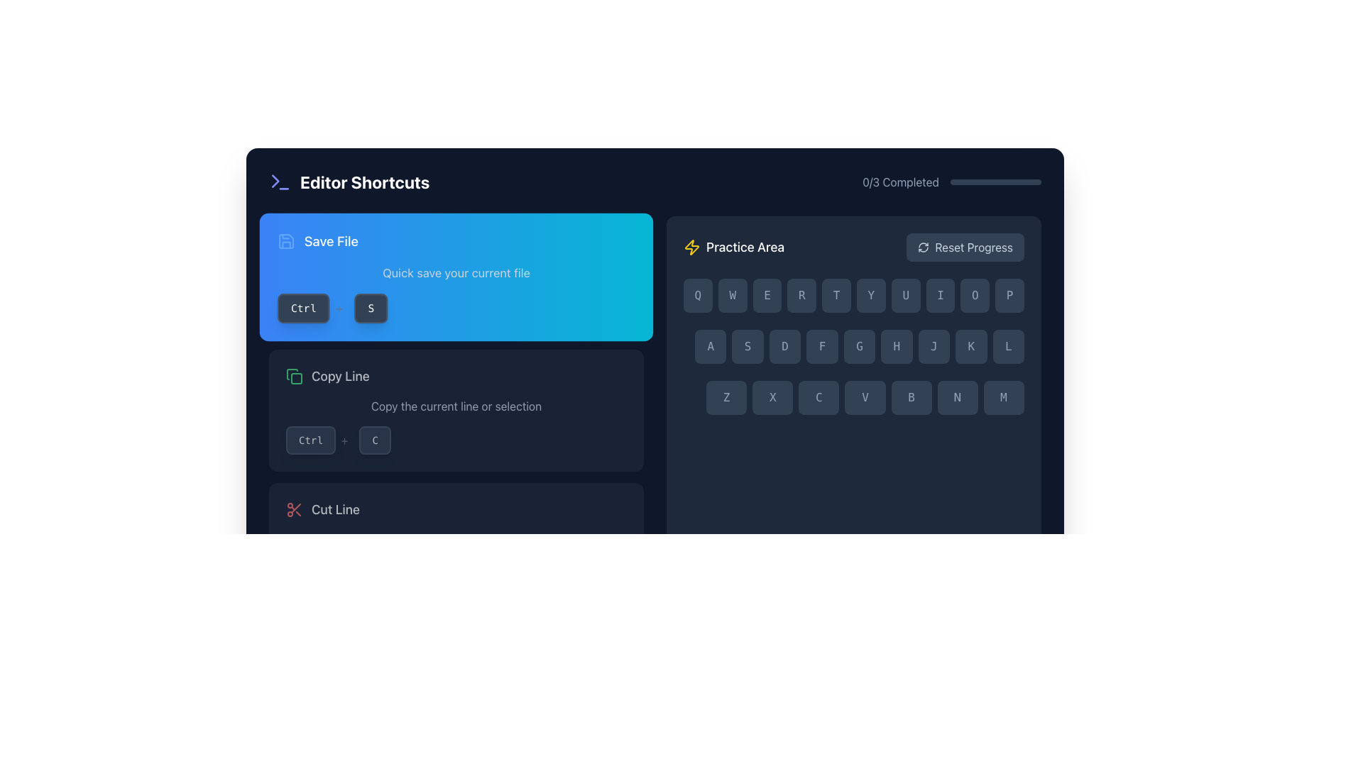 This screenshot has width=1363, height=766. Describe the element at coordinates (698, 294) in the screenshot. I see `the displayed character on the button representing the letter 'Q', which is the first button in the horizontal grid of the virtual keyboard` at that location.